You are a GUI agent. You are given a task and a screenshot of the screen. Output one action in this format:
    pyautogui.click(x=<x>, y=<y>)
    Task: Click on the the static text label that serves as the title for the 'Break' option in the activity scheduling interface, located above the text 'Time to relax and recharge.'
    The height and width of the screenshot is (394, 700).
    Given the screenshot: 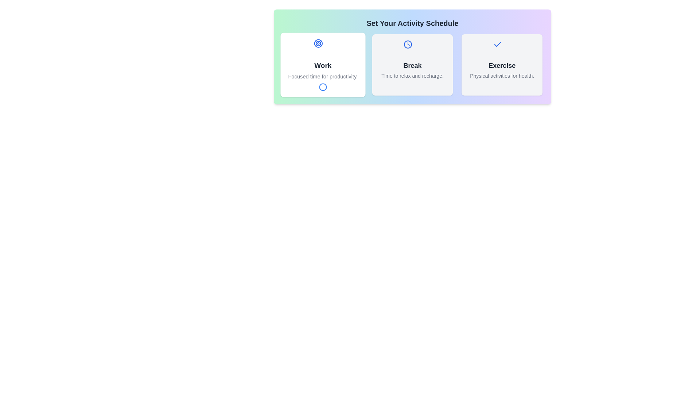 What is the action you would take?
    pyautogui.click(x=412, y=66)
    